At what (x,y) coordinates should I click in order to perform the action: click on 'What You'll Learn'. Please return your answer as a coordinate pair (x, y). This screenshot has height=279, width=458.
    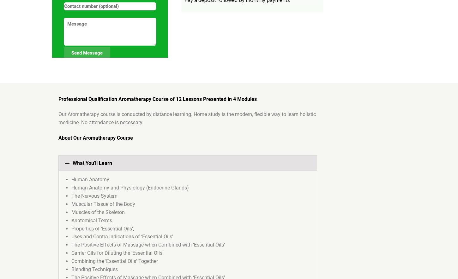
    Looking at the image, I should click on (92, 163).